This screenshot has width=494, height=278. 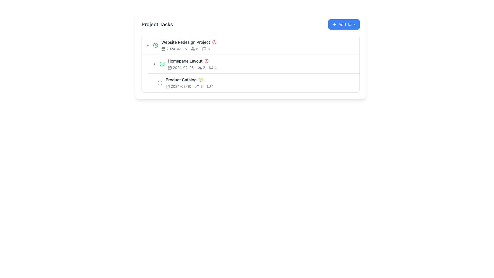 I want to click on the blue circular graphical element that is part of the clock icon next to the 'Website Redesign Project' text, so click(x=155, y=45).